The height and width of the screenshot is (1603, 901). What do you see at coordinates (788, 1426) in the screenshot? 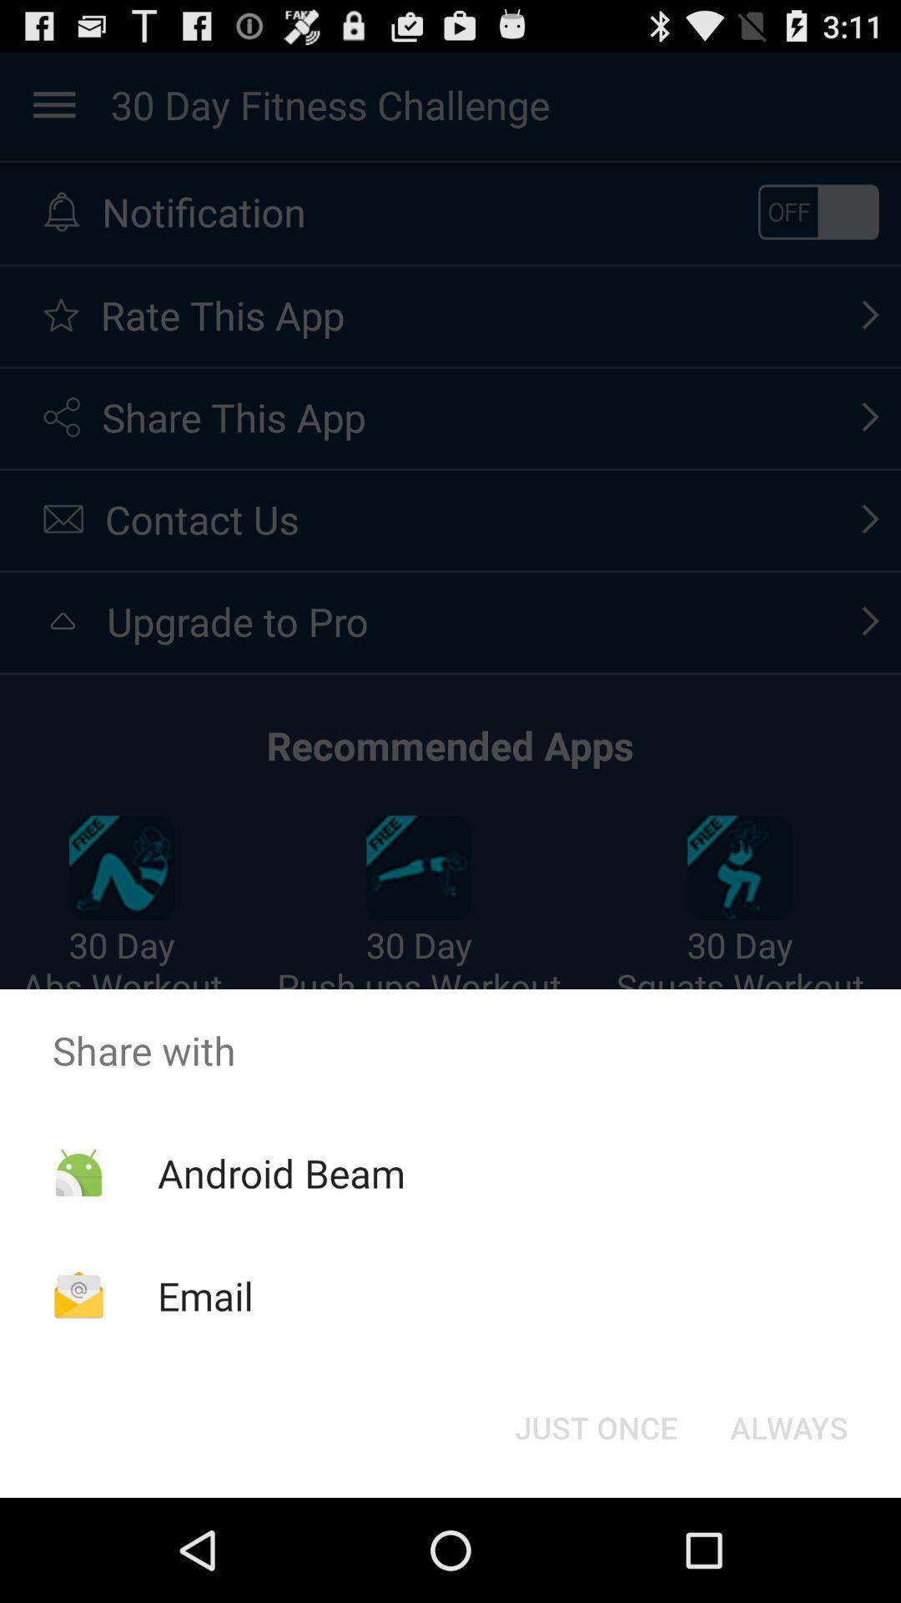
I see `always` at bounding box center [788, 1426].